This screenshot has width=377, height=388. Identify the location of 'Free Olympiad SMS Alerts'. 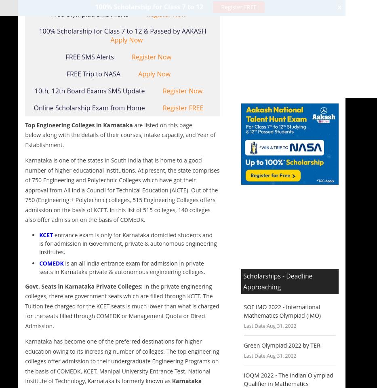
(90, 13).